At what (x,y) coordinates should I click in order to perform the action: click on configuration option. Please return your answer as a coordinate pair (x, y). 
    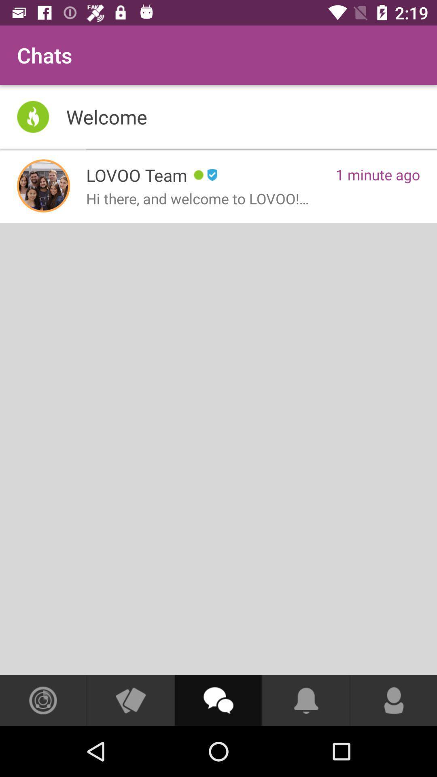
    Looking at the image, I should click on (43, 700).